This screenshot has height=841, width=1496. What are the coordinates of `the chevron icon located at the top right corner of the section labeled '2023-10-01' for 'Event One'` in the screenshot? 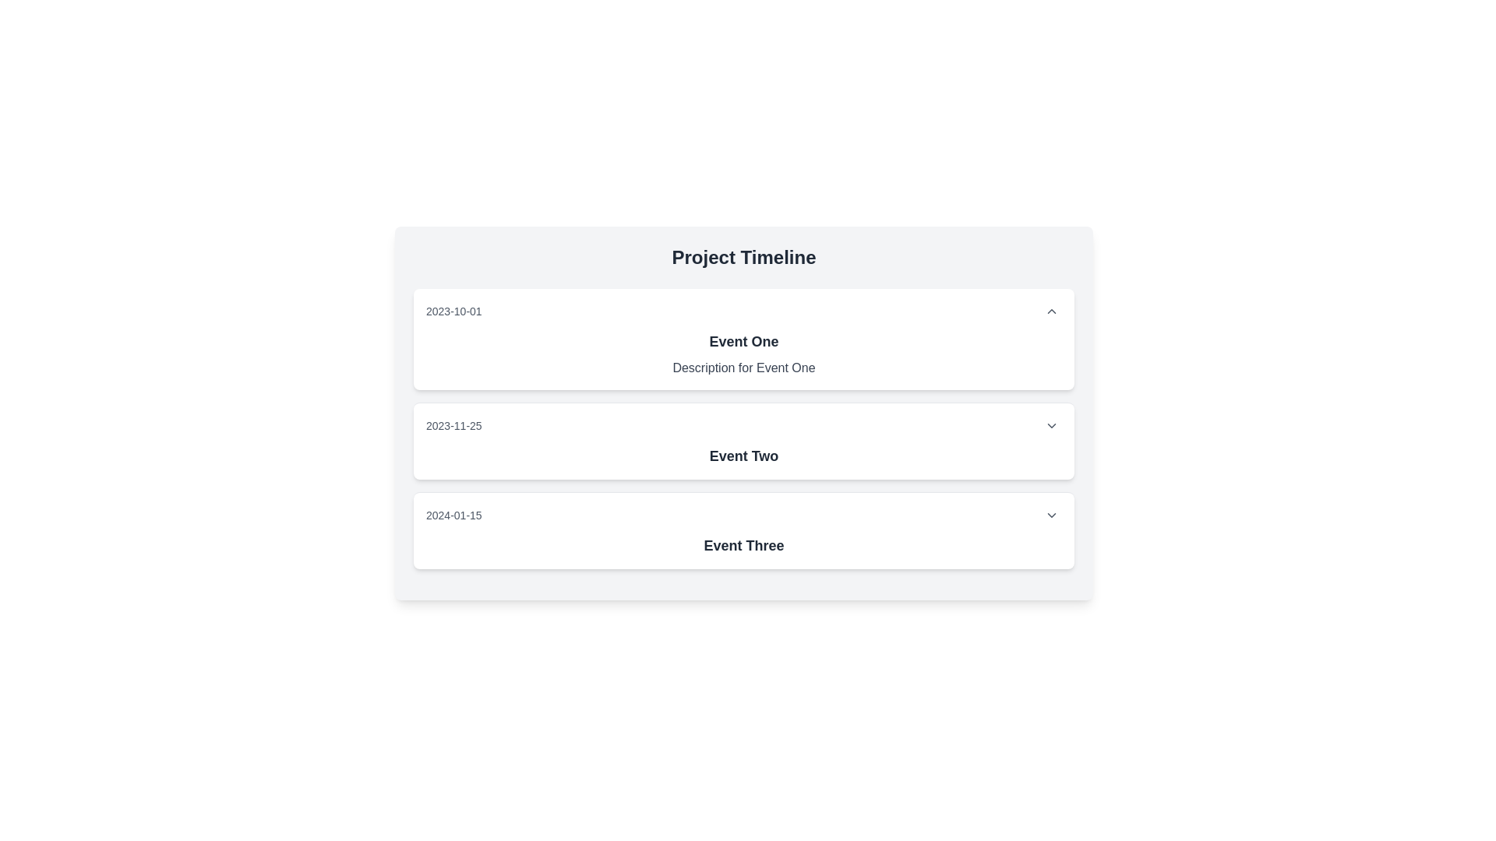 It's located at (1051, 311).